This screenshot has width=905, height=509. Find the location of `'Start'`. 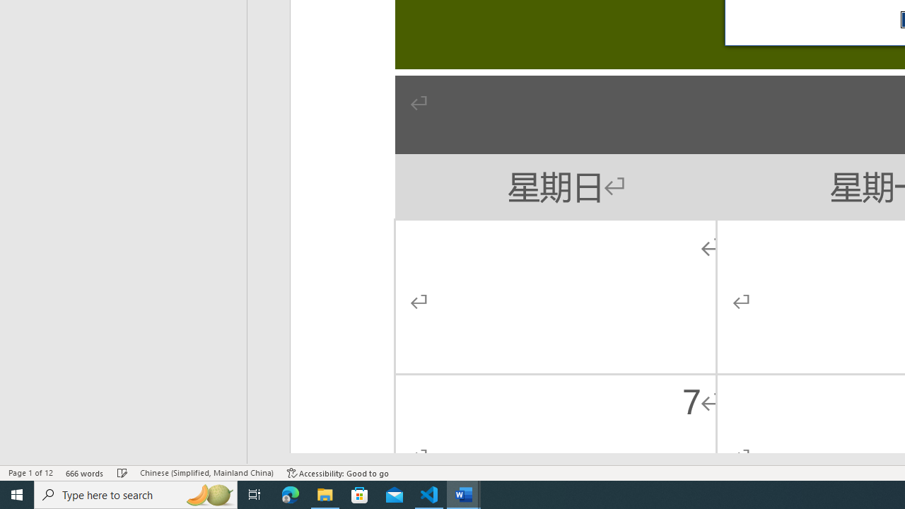

'Start' is located at coordinates (17, 493).